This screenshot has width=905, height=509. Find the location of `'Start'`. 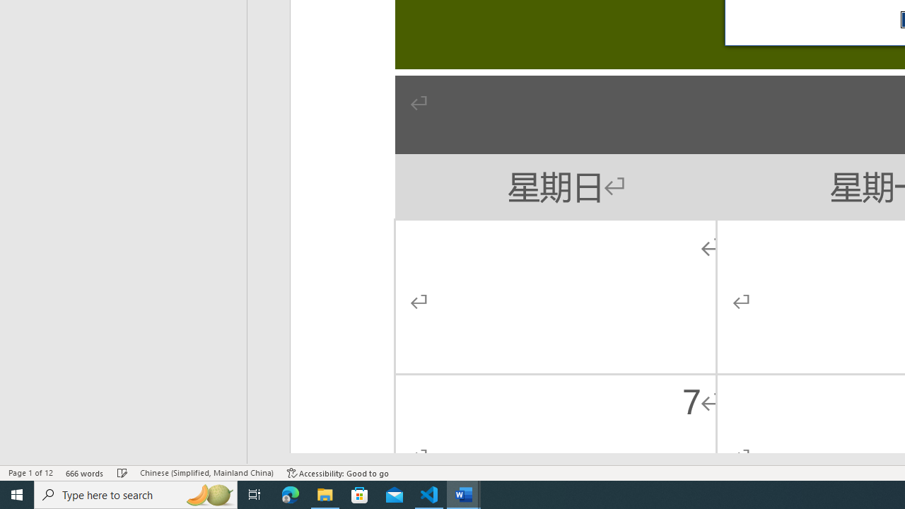

'Start' is located at coordinates (17, 493).